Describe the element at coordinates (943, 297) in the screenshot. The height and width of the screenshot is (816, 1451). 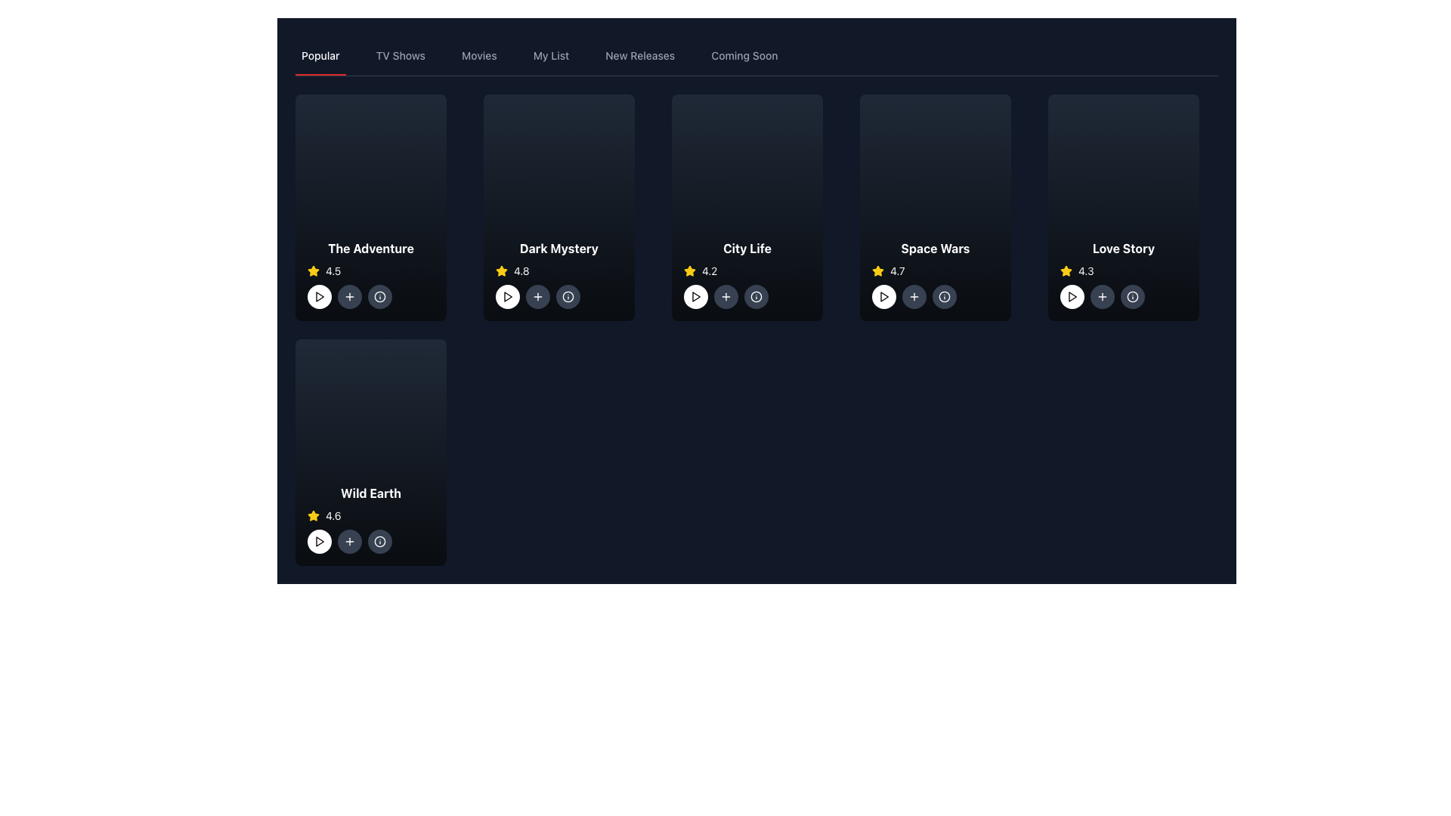
I see `the circular gray button with an 'i' icon, which is the third button in the sequence below the 'Space Wars' card` at that location.